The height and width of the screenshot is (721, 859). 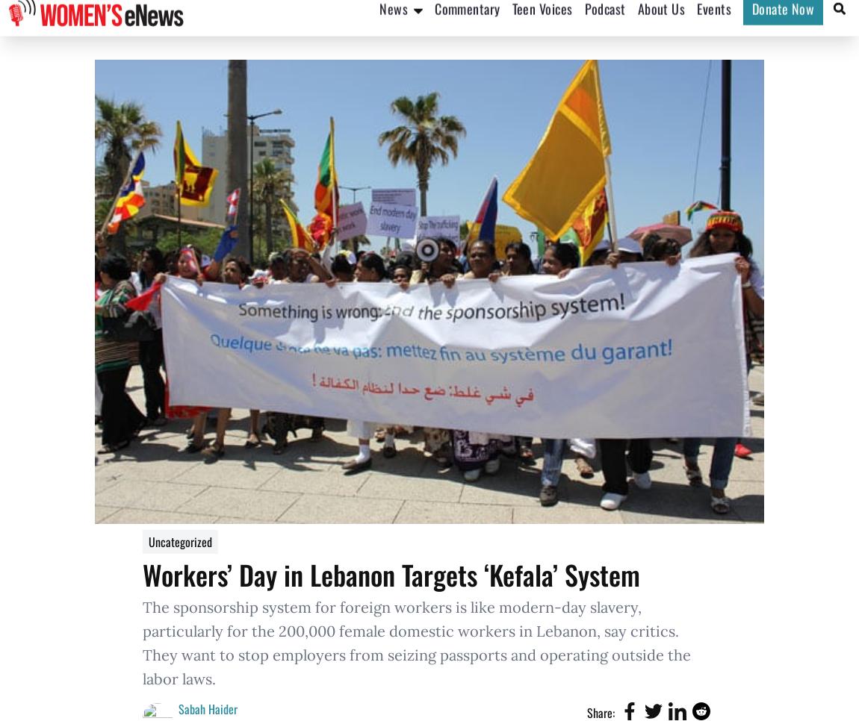 I want to click on 'The sponsorship system for foreign workers is like modern-day slavery, particularly for the 200,000 female domestic workers in Lebanon, say critics. They want to stop employers from seizing passports and operating outside the labor laws.', so click(x=416, y=642).